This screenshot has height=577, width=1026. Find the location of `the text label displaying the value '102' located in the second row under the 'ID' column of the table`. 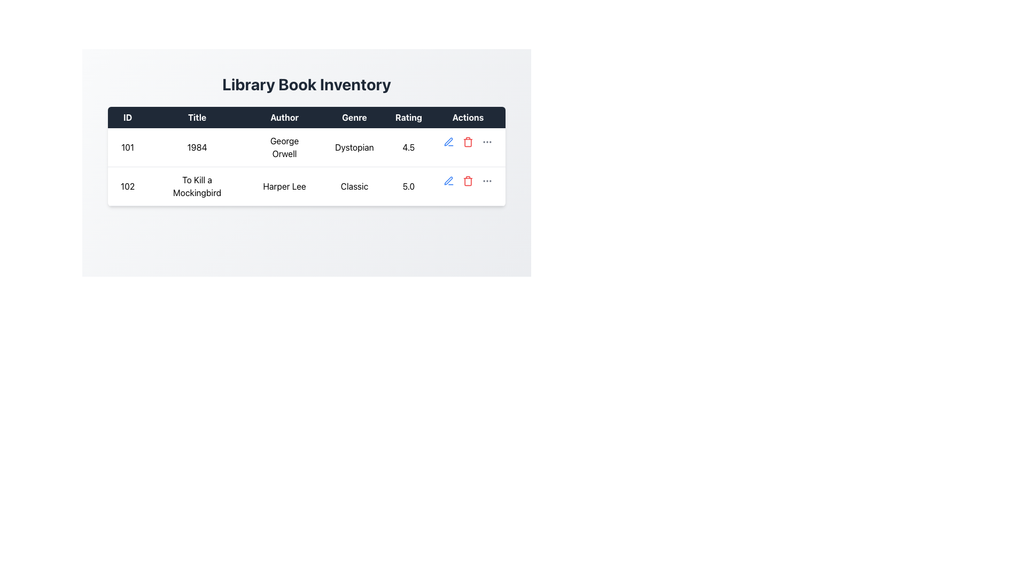

the text label displaying the value '102' located in the second row under the 'ID' column of the table is located at coordinates (128, 185).